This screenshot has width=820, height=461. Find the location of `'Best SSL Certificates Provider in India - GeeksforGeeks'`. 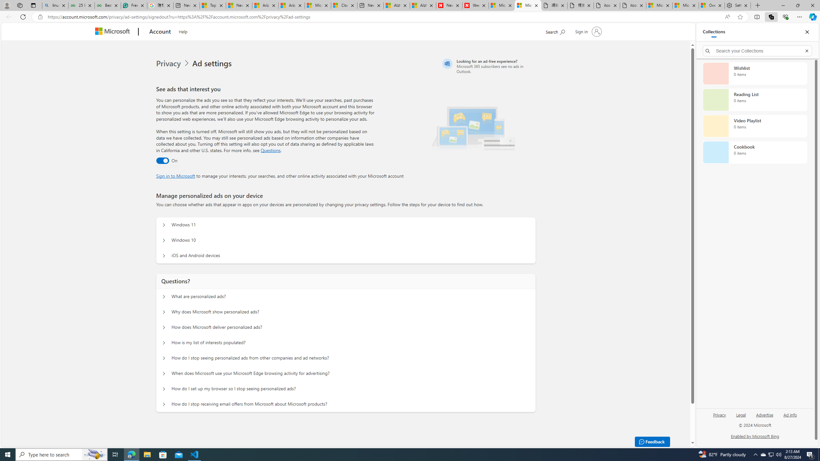

'Best SSL Certificates Provider in India - GeeksforGeeks' is located at coordinates (107, 5).